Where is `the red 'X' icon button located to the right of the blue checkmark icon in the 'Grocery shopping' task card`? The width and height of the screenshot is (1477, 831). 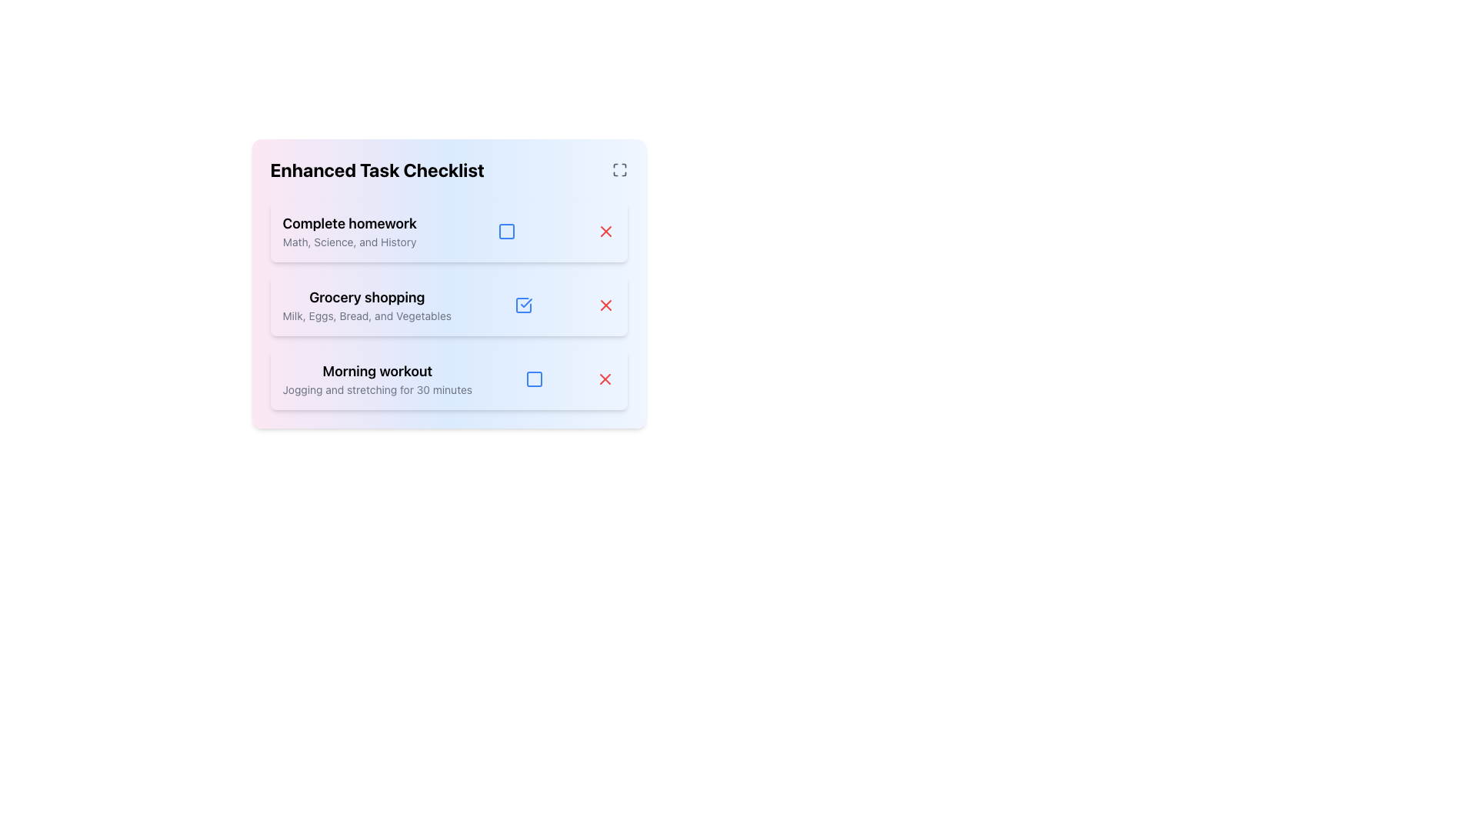 the red 'X' icon button located to the right of the blue checkmark icon in the 'Grocery shopping' task card is located at coordinates (605, 305).